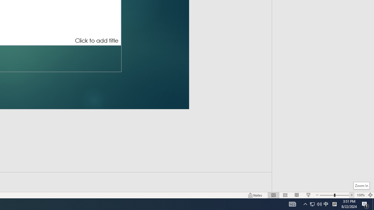 Image resolution: width=374 pixels, height=210 pixels. I want to click on 'Zoom 100%', so click(360, 195).